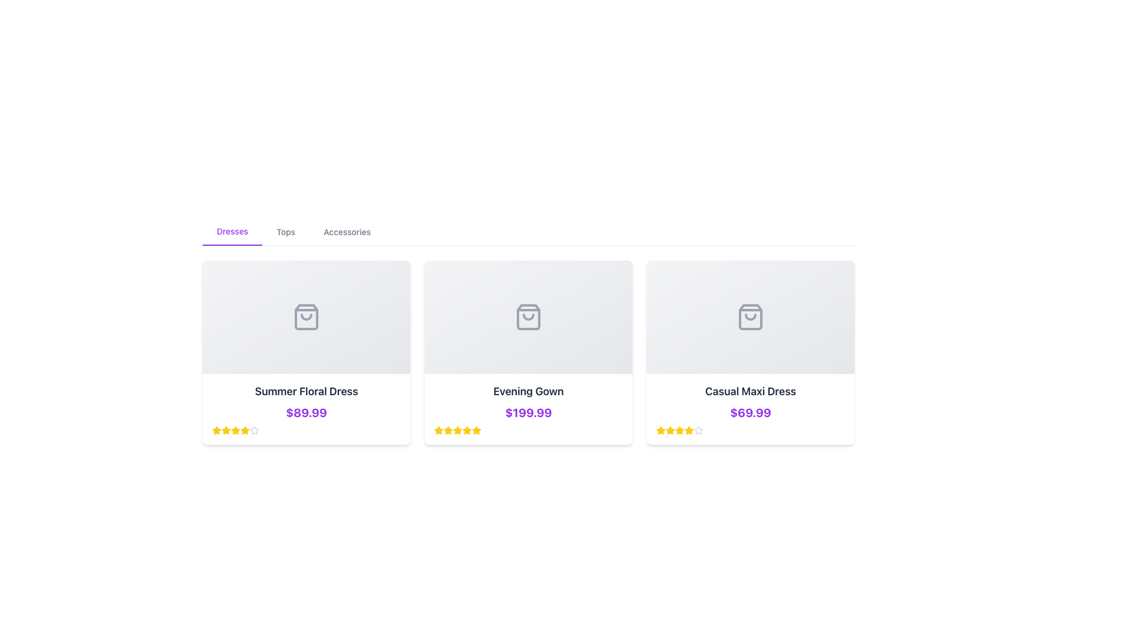 The height and width of the screenshot is (638, 1134). I want to click on the characteristics of the third star icon representing a rating located beneath the 'Casual Maxi Dress' card in the second column of the displayed list, so click(670, 431).